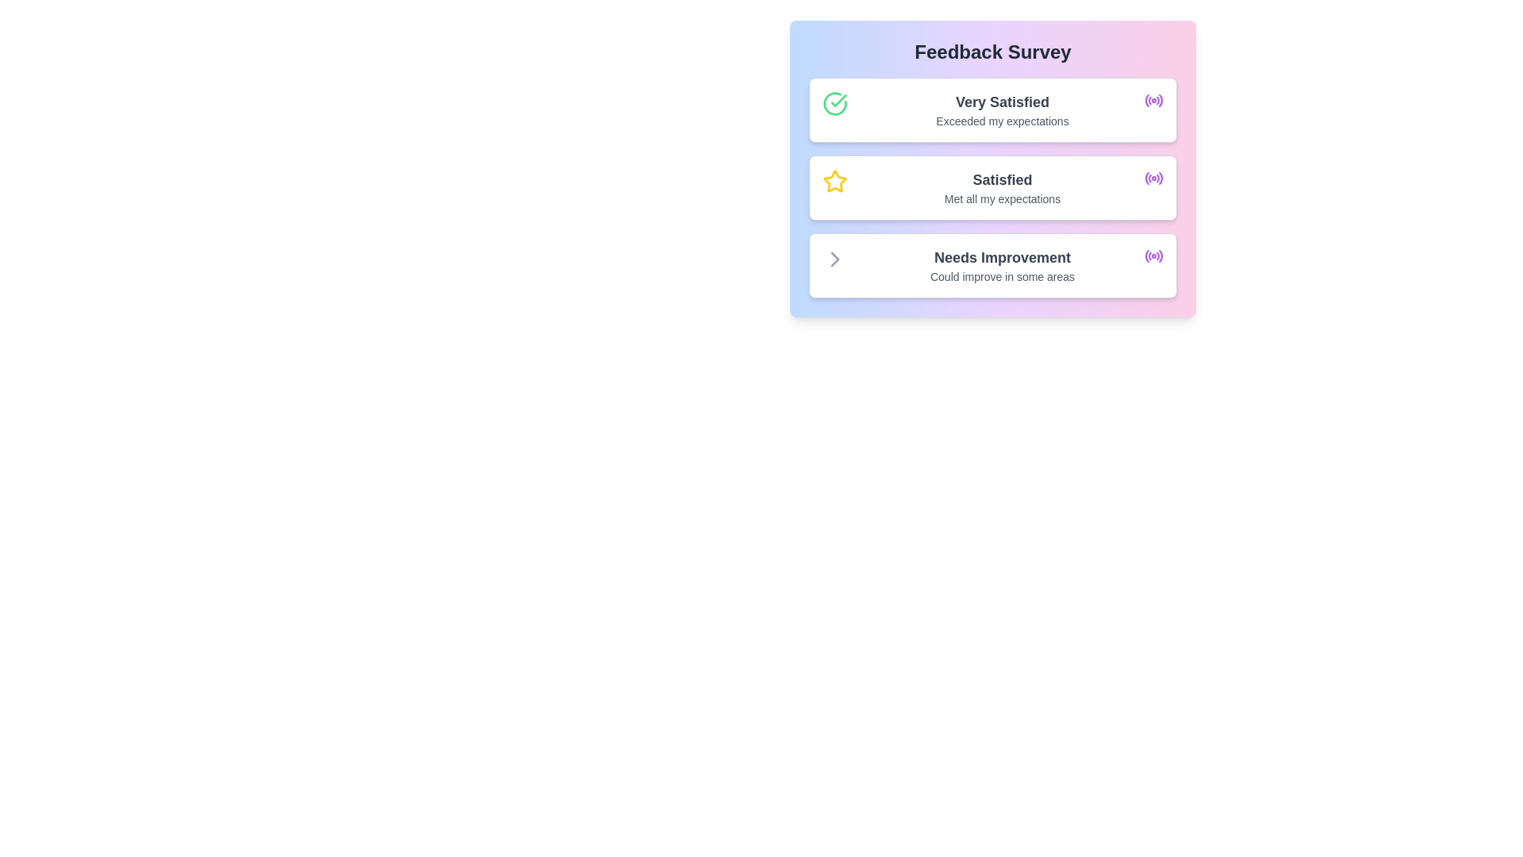  Describe the element at coordinates (992, 186) in the screenshot. I see `the 'Satisfied' Selectable Card` at that location.